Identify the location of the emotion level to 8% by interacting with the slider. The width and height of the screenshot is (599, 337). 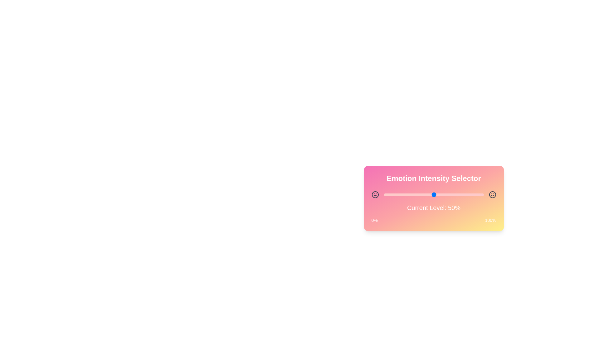
(392, 194).